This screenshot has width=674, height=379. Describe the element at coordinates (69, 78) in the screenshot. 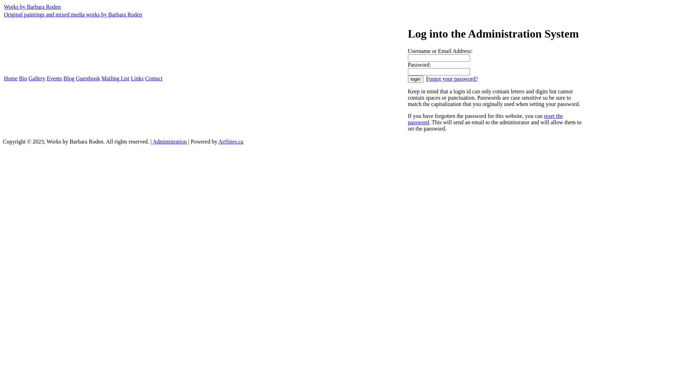

I see `'Blog'` at that location.